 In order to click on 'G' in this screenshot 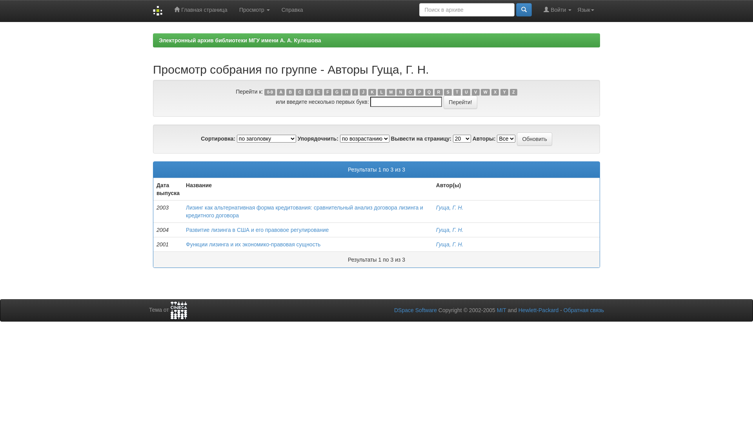, I will do `click(337, 92)`.